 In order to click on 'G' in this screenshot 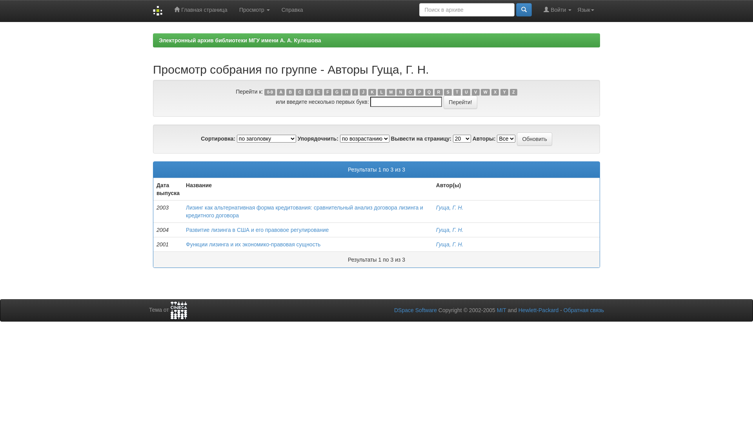, I will do `click(337, 92)`.